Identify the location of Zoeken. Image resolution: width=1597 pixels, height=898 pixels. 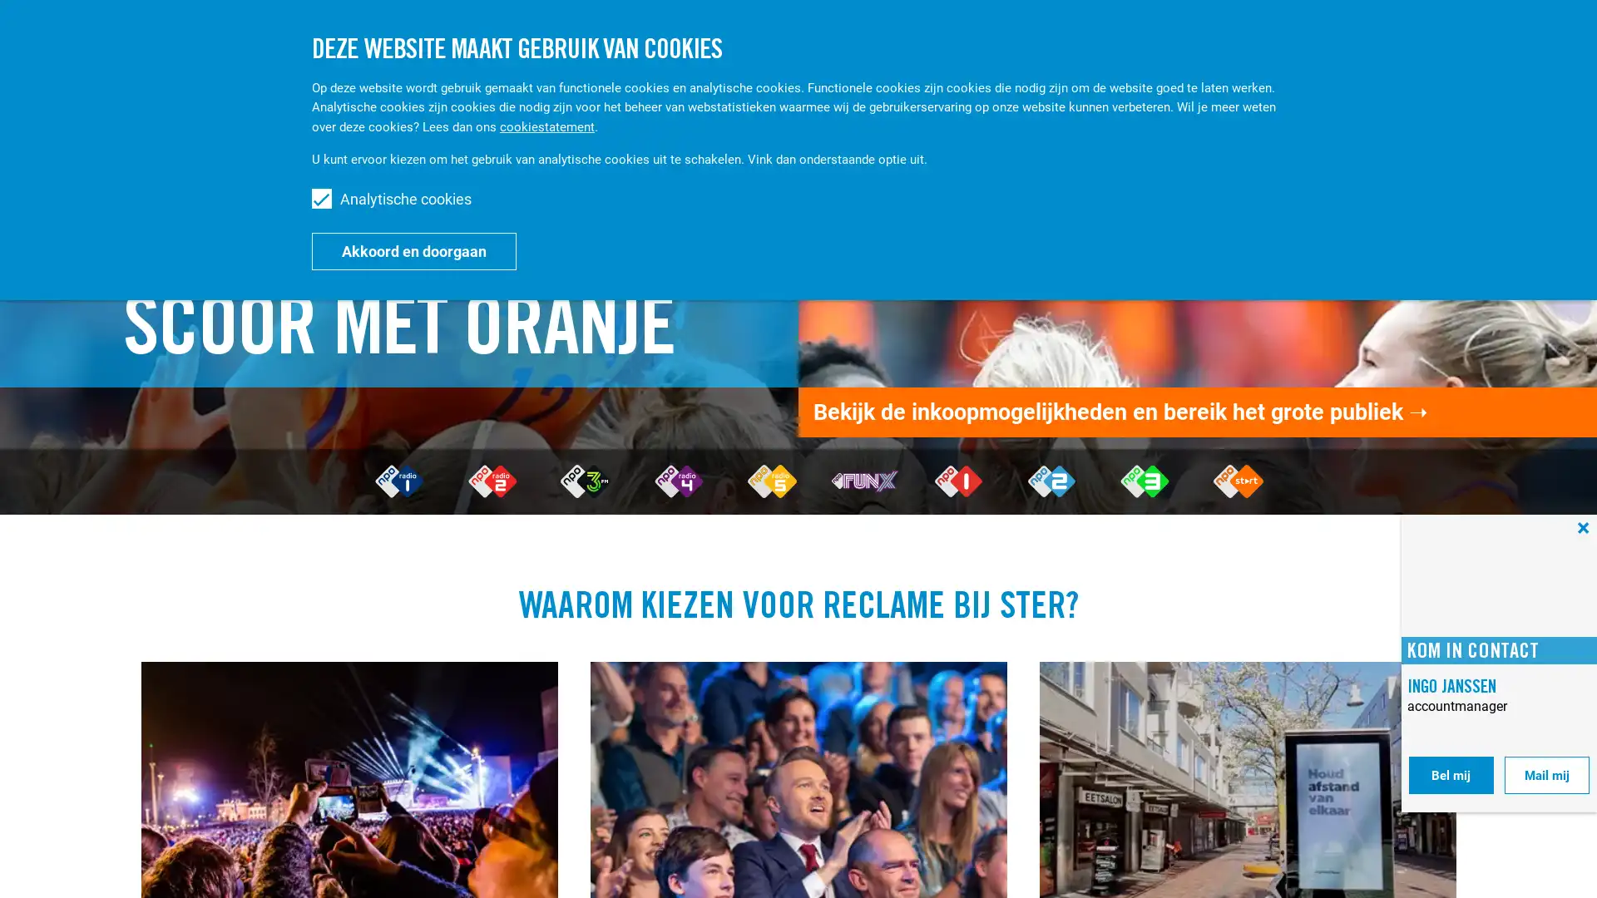
(1425, 40).